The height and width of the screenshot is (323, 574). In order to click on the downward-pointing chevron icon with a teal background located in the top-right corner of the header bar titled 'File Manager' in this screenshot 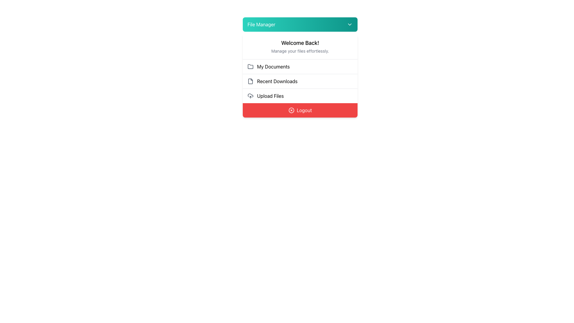, I will do `click(350, 24)`.